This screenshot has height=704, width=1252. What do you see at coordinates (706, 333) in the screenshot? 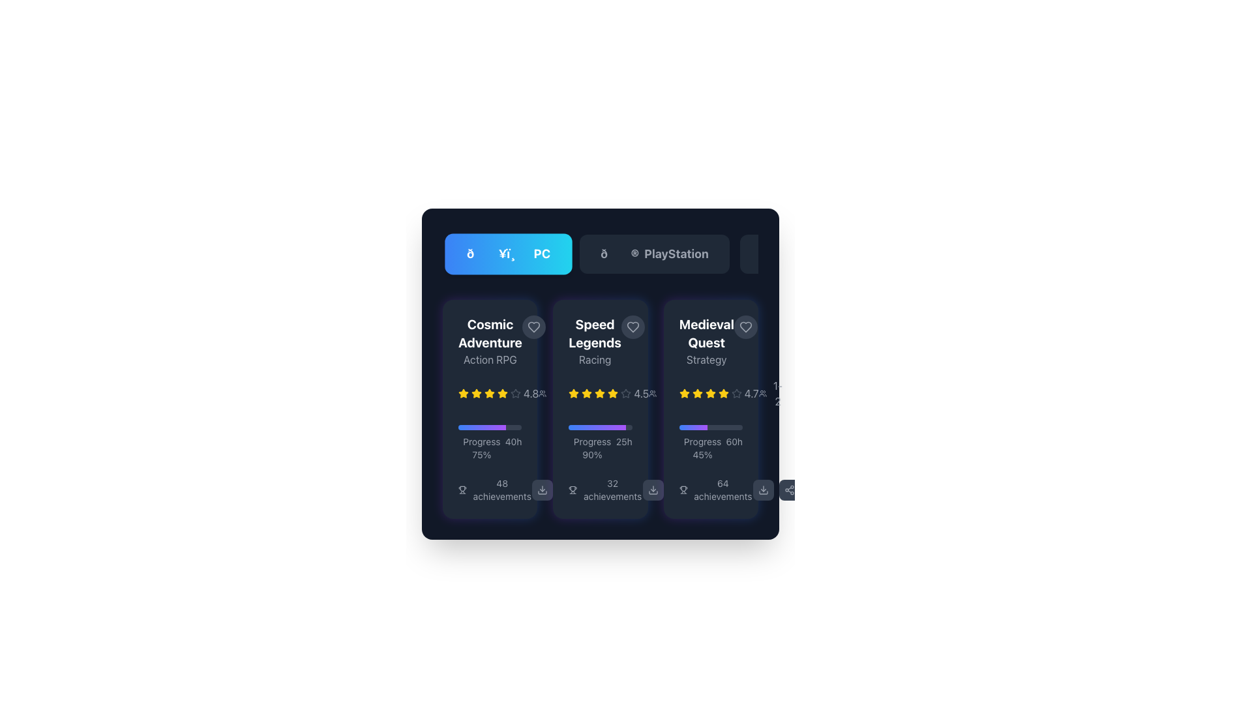
I see `the text element displaying 'Medieval Quest' in bold, white font located in the upper section of the card in the third column of the grid layout` at bounding box center [706, 333].